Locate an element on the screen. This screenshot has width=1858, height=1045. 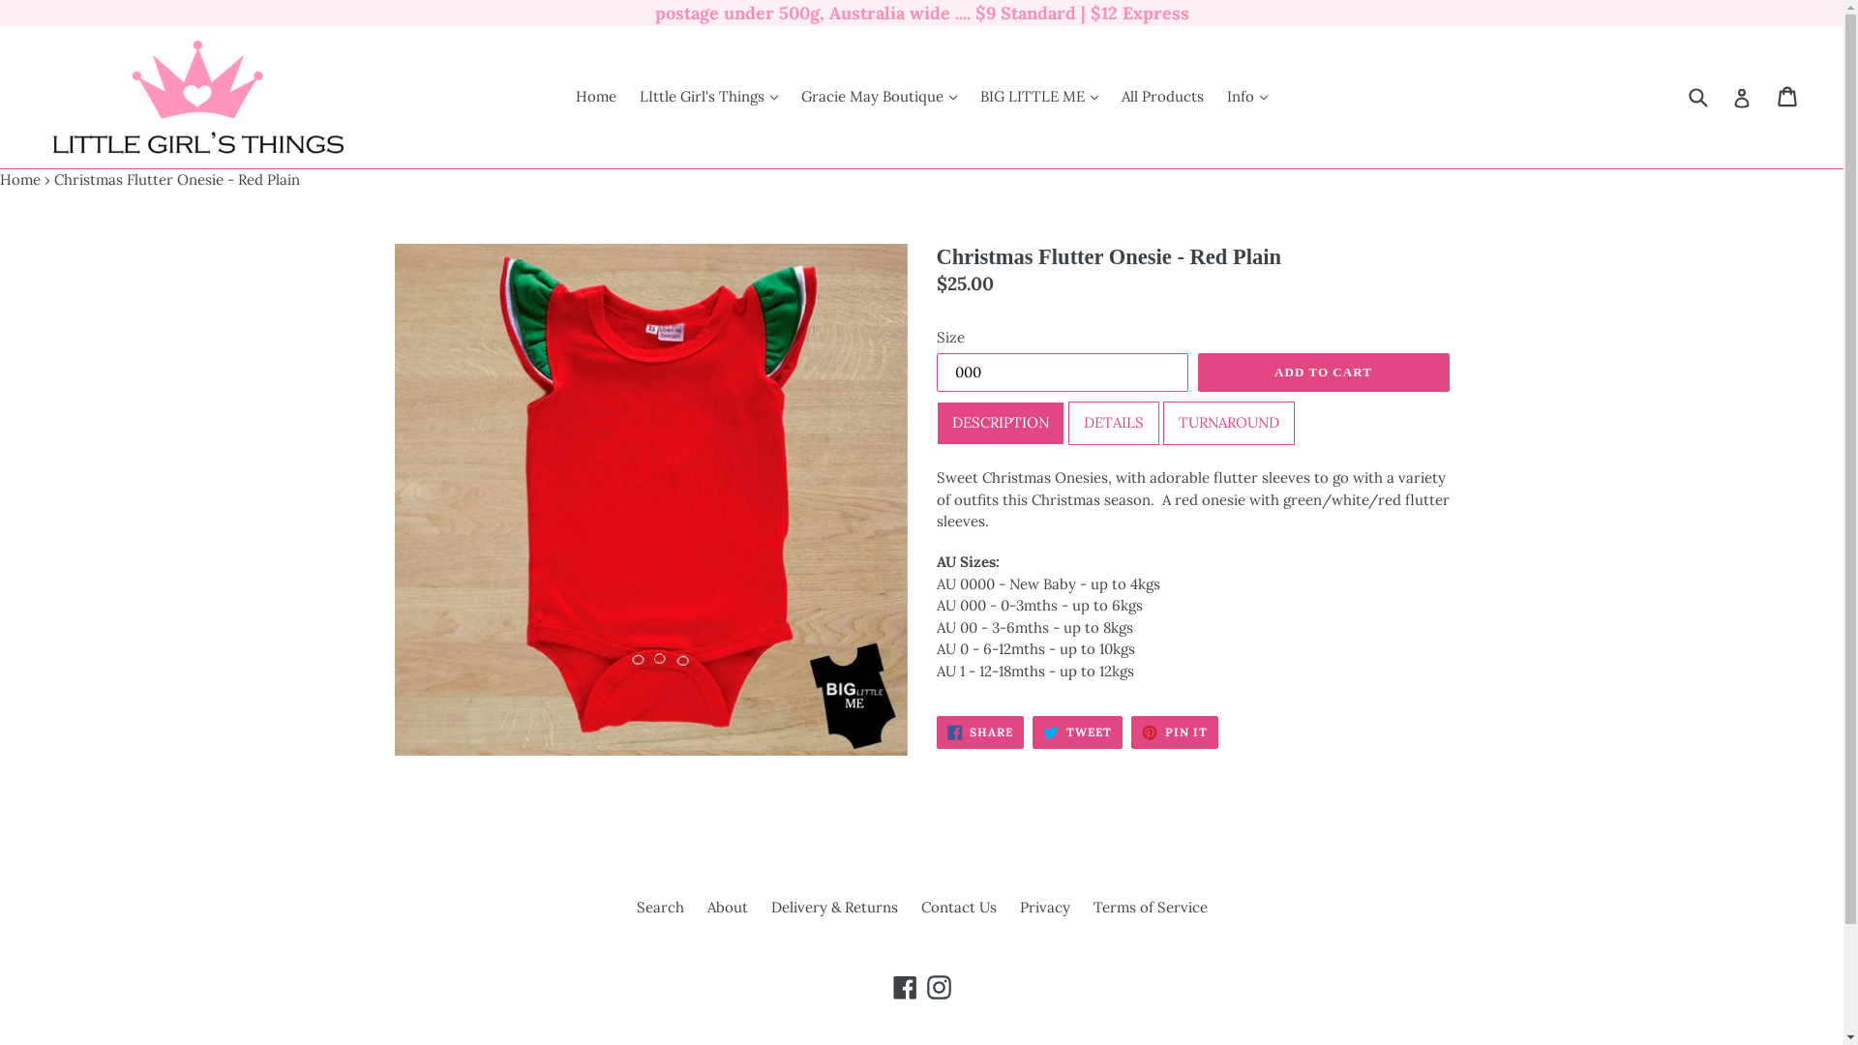
'All Products' is located at coordinates (1161, 97).